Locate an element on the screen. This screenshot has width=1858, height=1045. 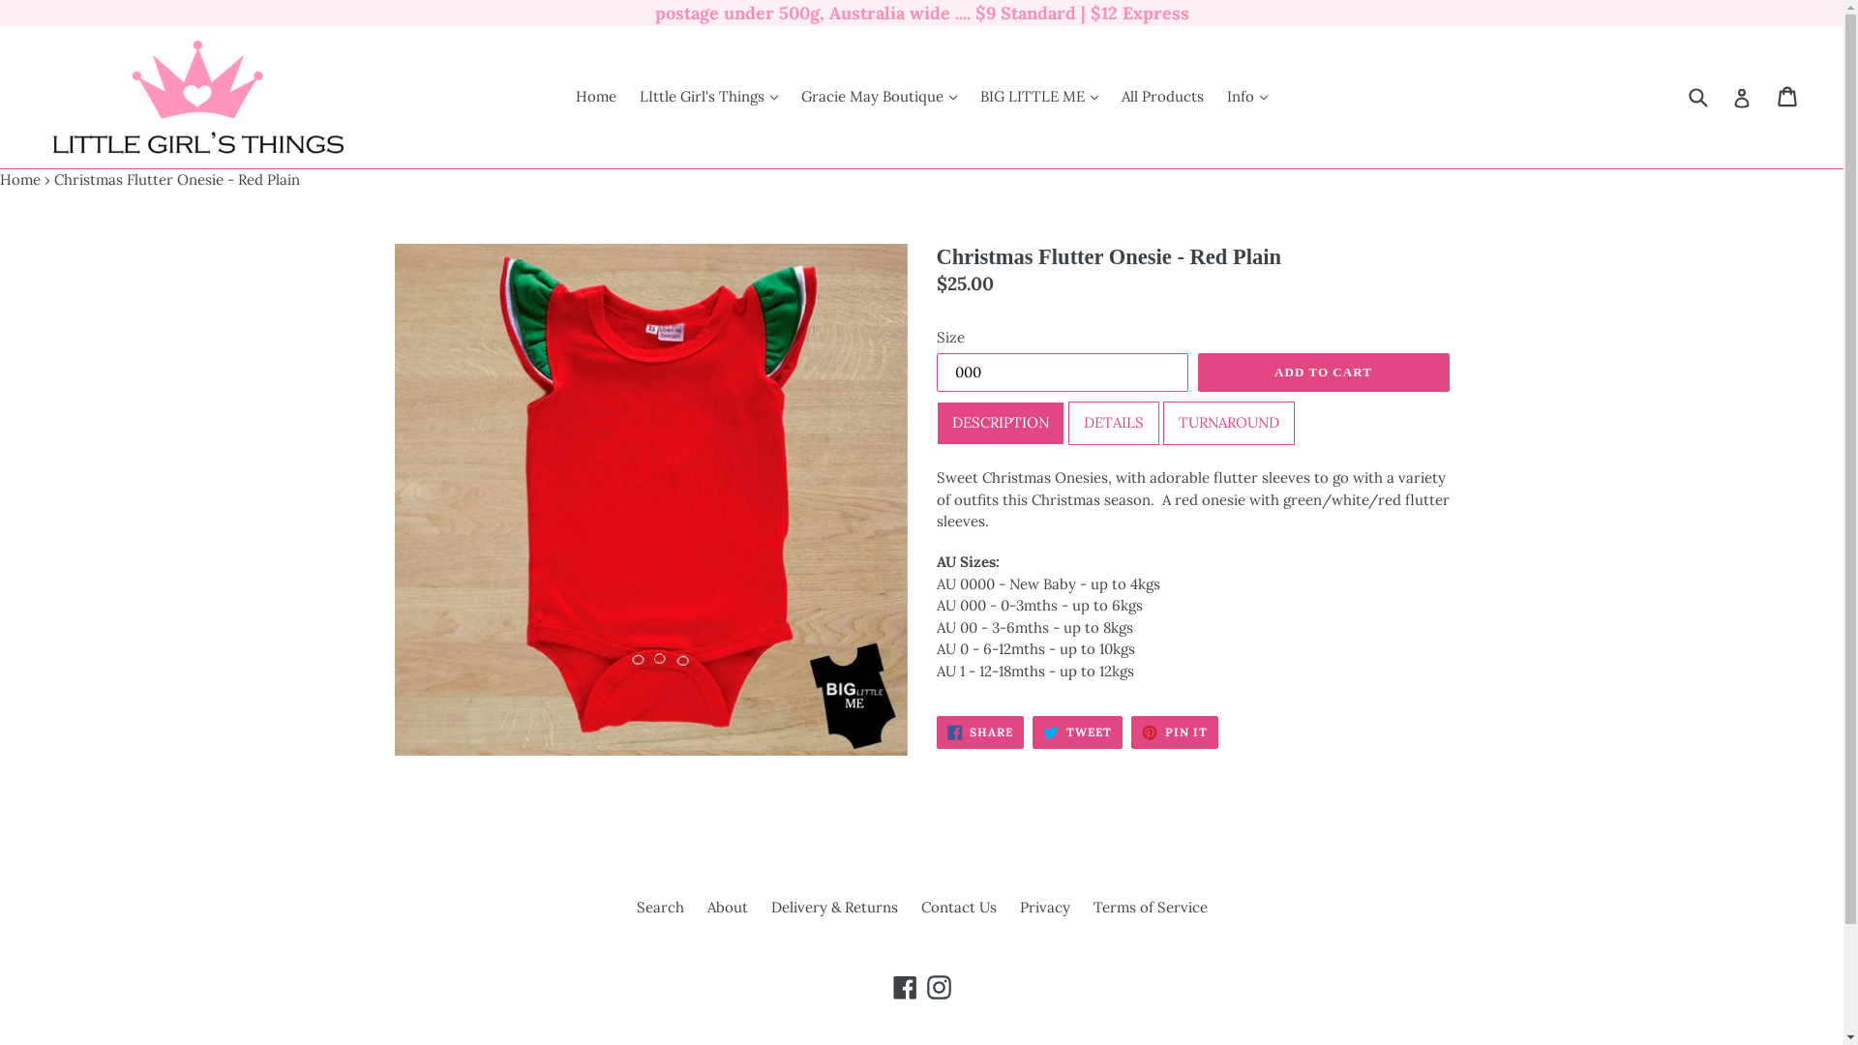
'All Products' is located at coordinates (1161, 97).